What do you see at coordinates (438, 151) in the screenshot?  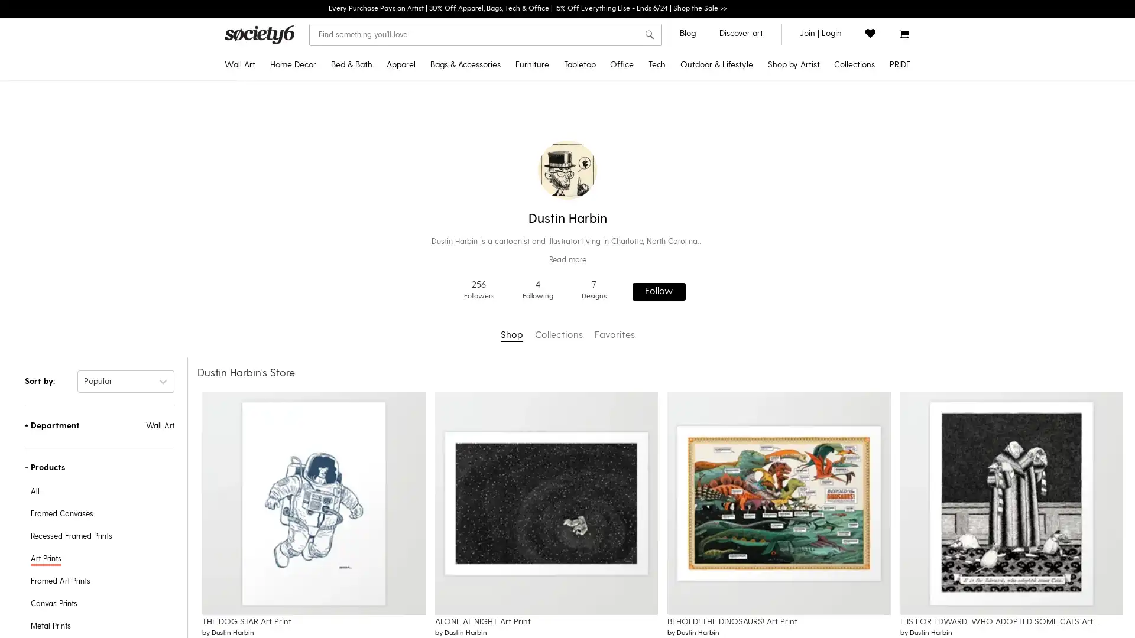 I see `Long Sleeve T-Shirts` at bounding box center [438, 151].